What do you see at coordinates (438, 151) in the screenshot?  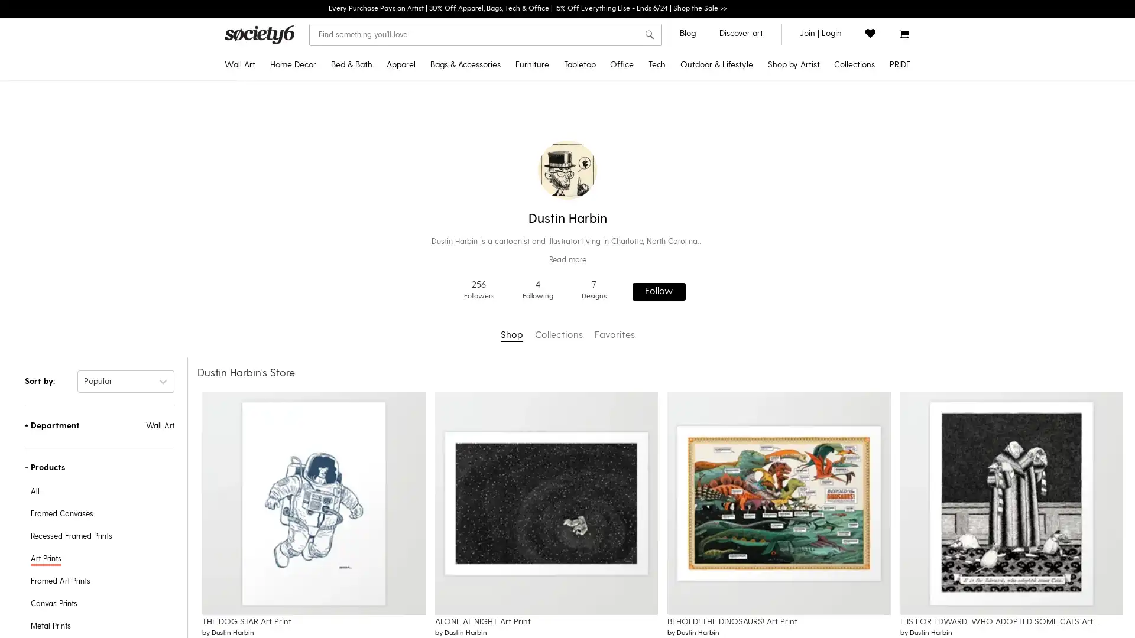 I see `Long Sleeve T-Shirts` at bounding box center [438, 151].